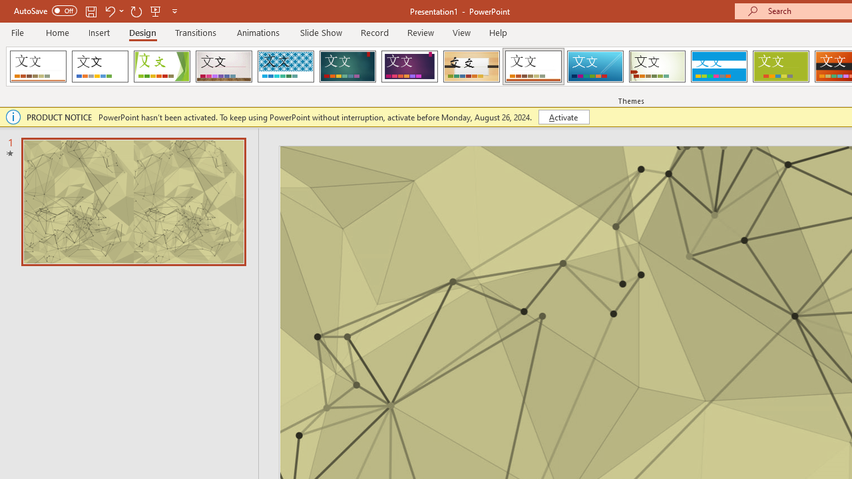 The width and height of the screenshot is (852, 479). I want to click on 'FadeVTI', so click(38, 67).